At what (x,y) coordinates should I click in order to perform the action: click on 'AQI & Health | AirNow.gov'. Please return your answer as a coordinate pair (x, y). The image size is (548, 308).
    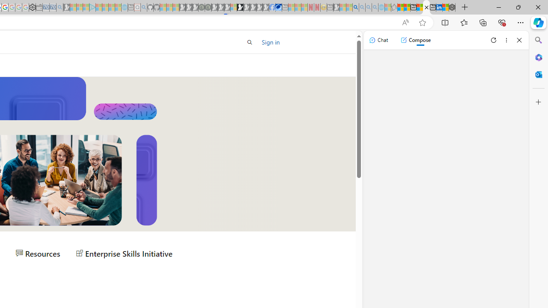
    Looking at the image, I should click on (278, 7).